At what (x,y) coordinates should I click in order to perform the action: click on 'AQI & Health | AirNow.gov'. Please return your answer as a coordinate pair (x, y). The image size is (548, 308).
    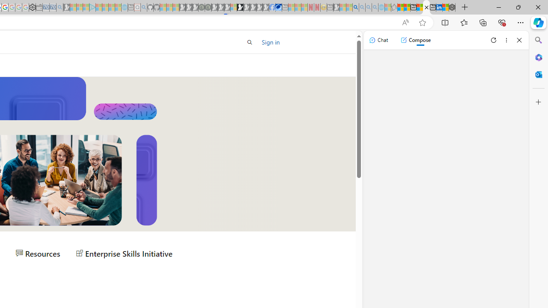
    Looking at the image, I should click on (278, 7).